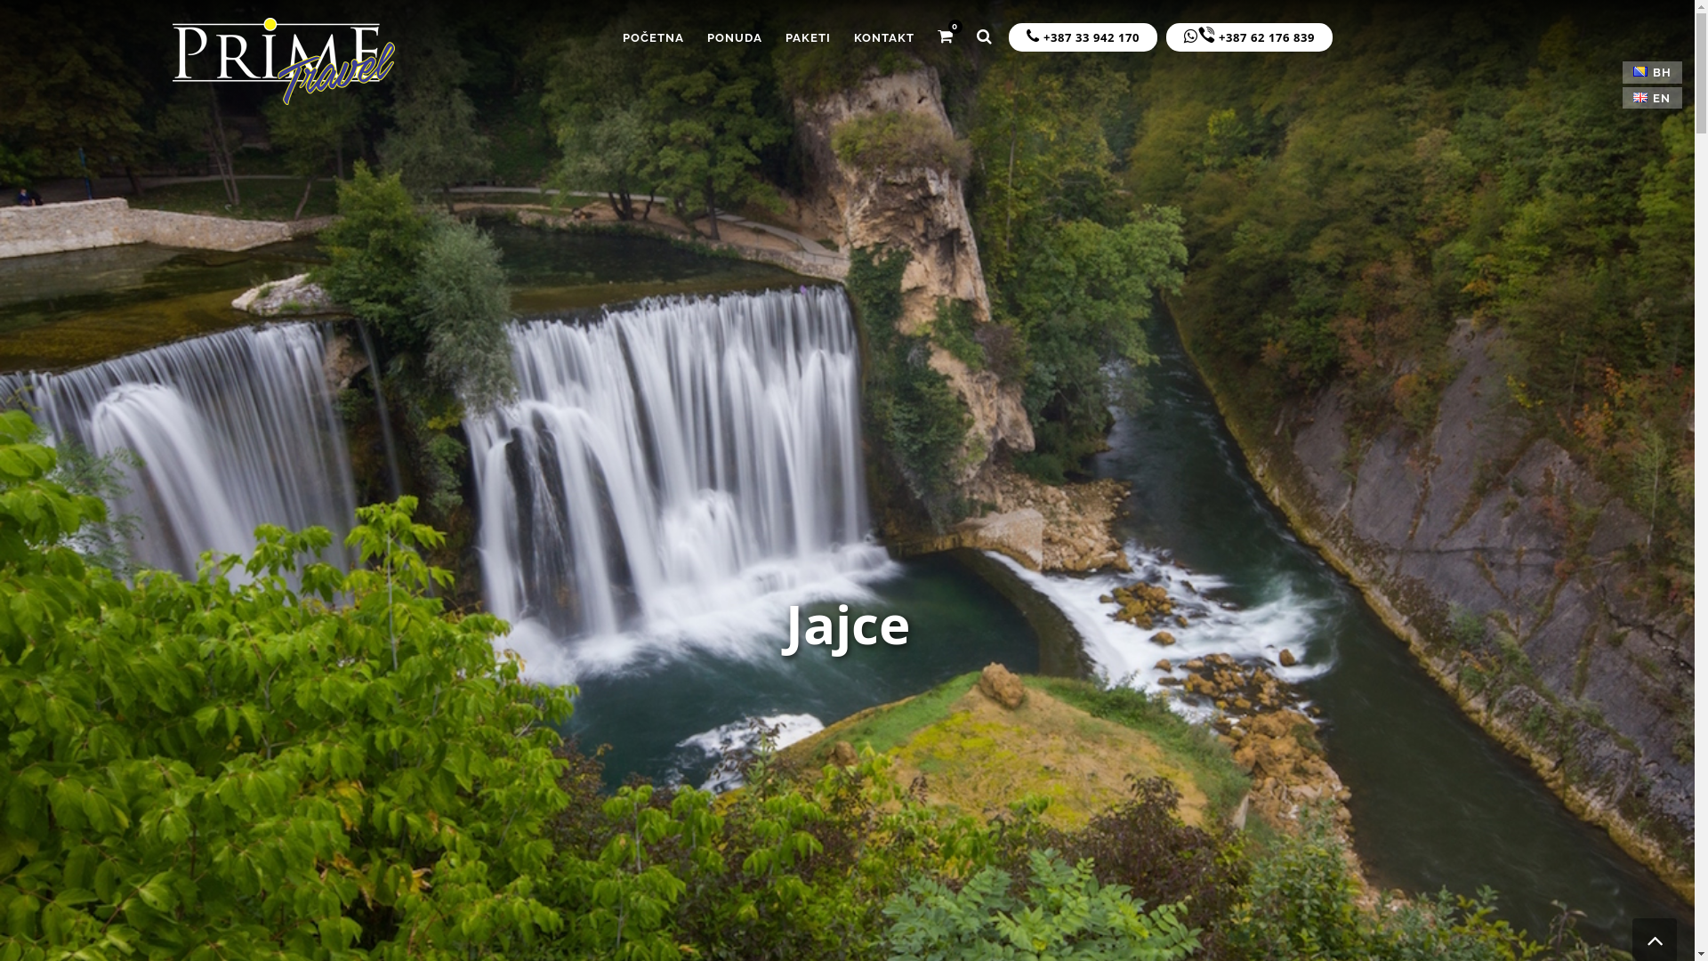  What do you see at coordinates (734, 37) in the screenshot?
I see `'PONUDA'` at bounding box center [734, 37].